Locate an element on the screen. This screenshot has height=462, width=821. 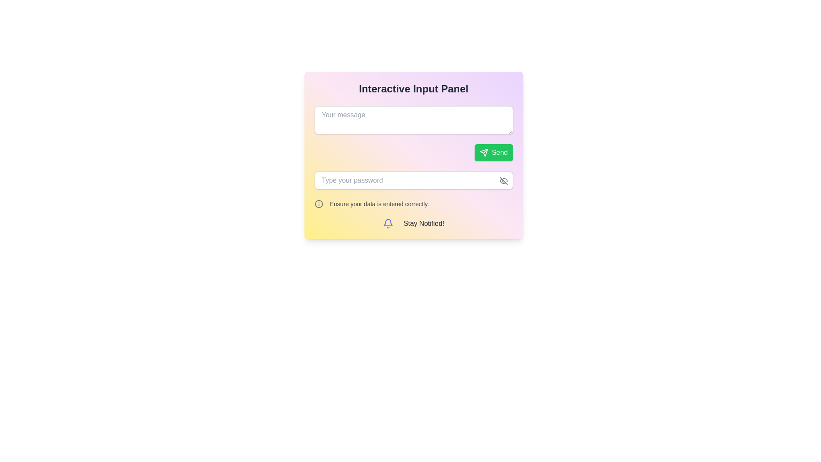
the indigo bell-shaped notification icon located above the text 'Stay Notified!' is located at coordinates (387, 223).